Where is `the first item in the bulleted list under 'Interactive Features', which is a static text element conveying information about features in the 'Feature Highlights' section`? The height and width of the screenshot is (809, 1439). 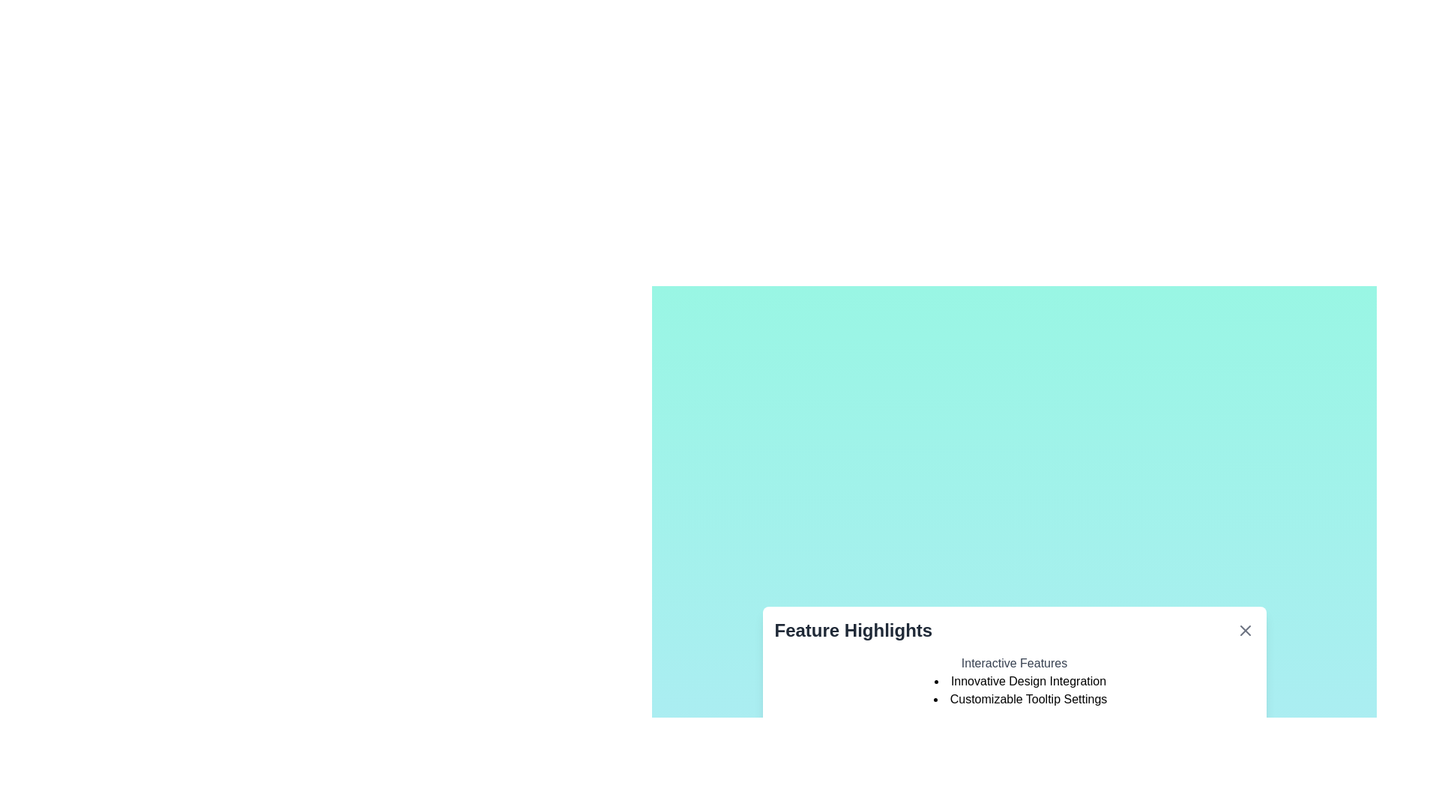 the first item in the bulleted list under 'Interactive Features', which is a static text element conveying information about features in the 'Feature Highlights' section is located at coordinates (1019, 682).